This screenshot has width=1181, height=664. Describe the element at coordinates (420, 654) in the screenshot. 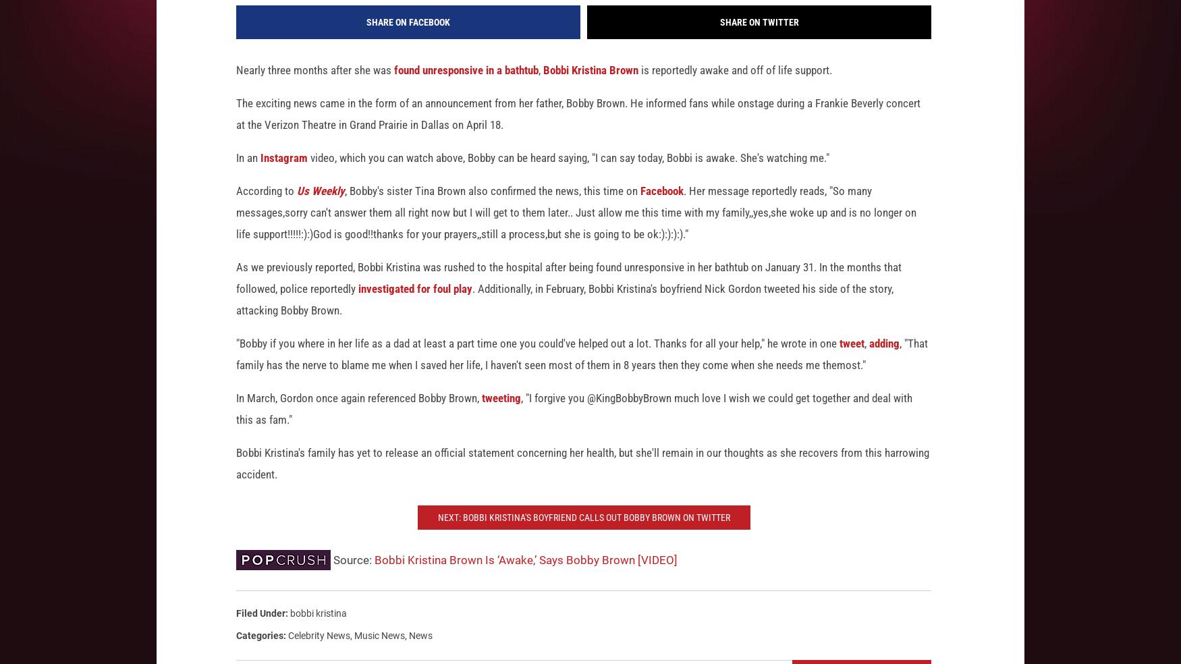

I see `'News'` at that location.